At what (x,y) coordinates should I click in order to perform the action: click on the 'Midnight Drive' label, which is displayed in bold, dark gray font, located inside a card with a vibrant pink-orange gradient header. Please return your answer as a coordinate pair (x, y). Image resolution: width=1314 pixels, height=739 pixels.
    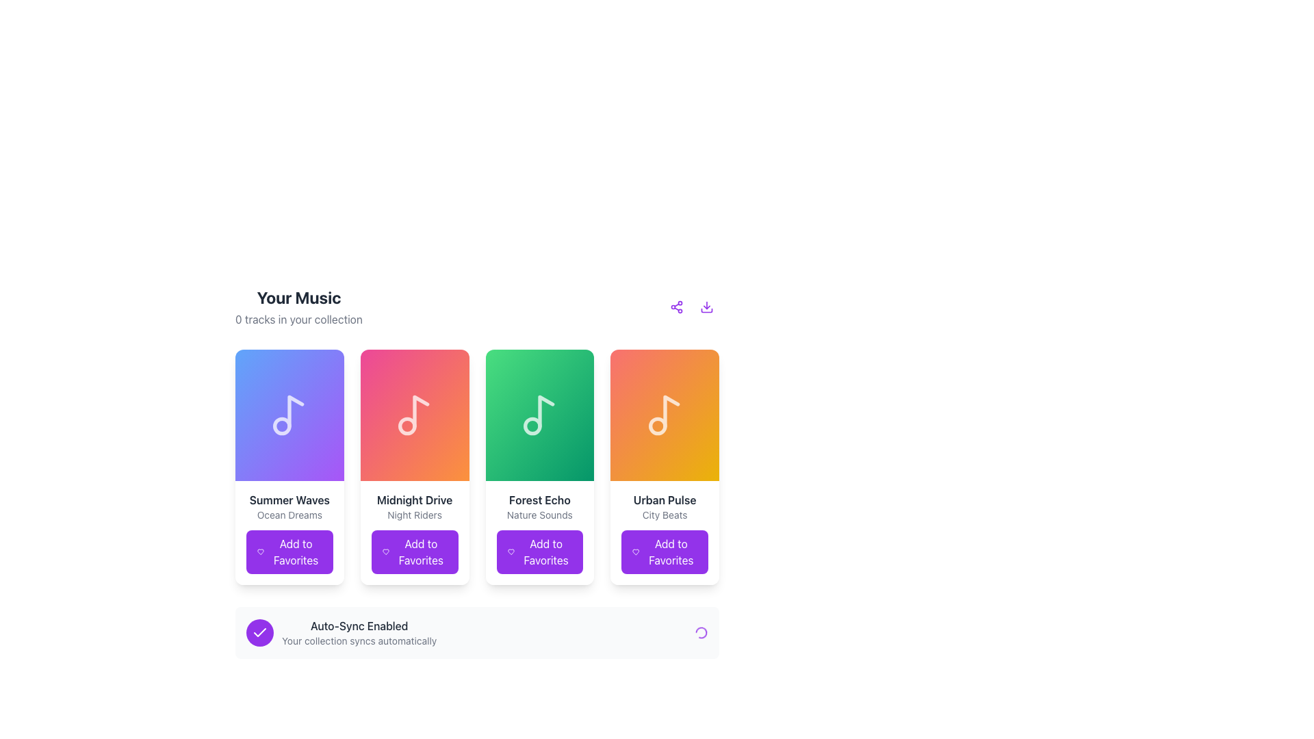
    Looking at the image, I should click on (414, 500).